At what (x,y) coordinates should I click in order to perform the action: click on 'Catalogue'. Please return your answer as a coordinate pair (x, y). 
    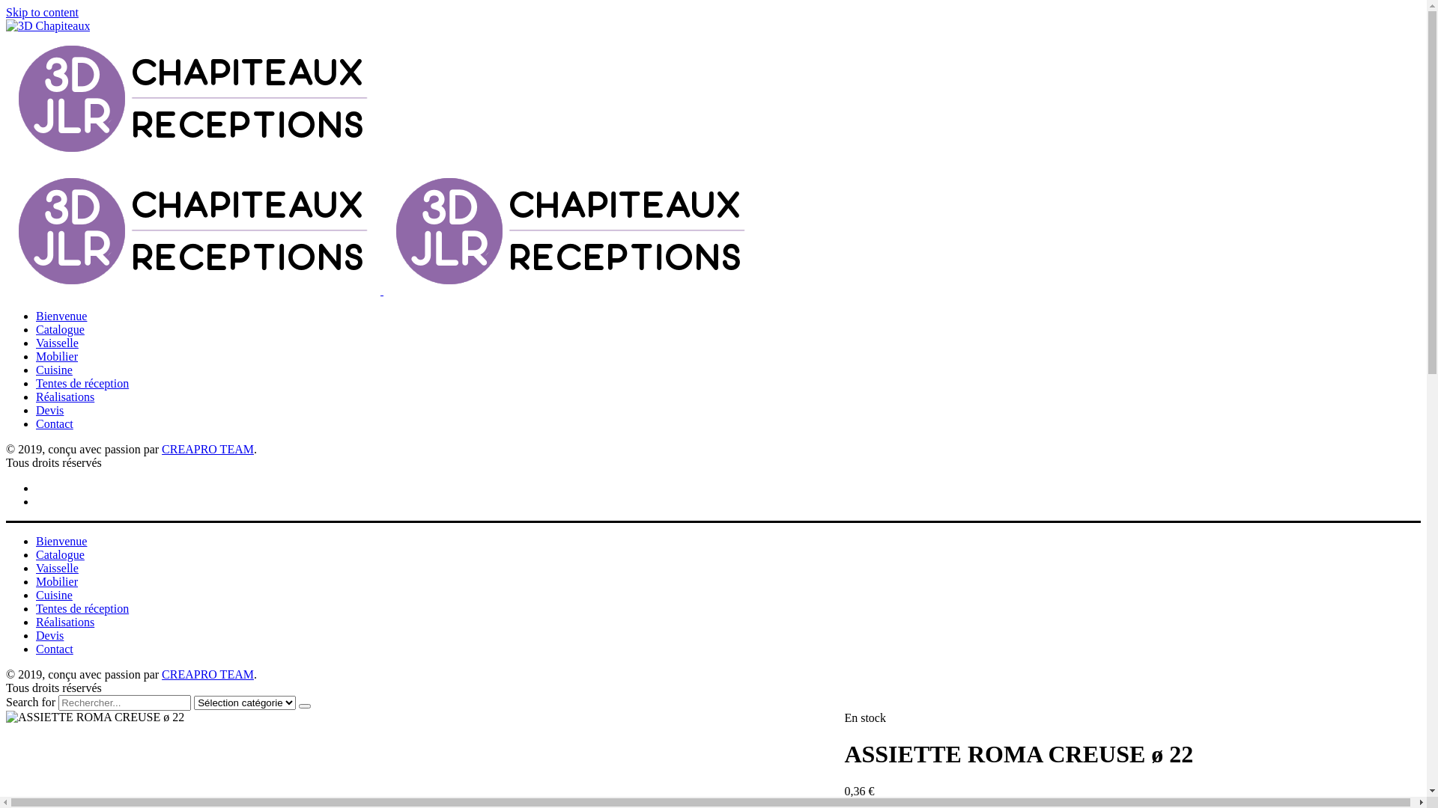
    Looking at the image, I should click on (60, 328).